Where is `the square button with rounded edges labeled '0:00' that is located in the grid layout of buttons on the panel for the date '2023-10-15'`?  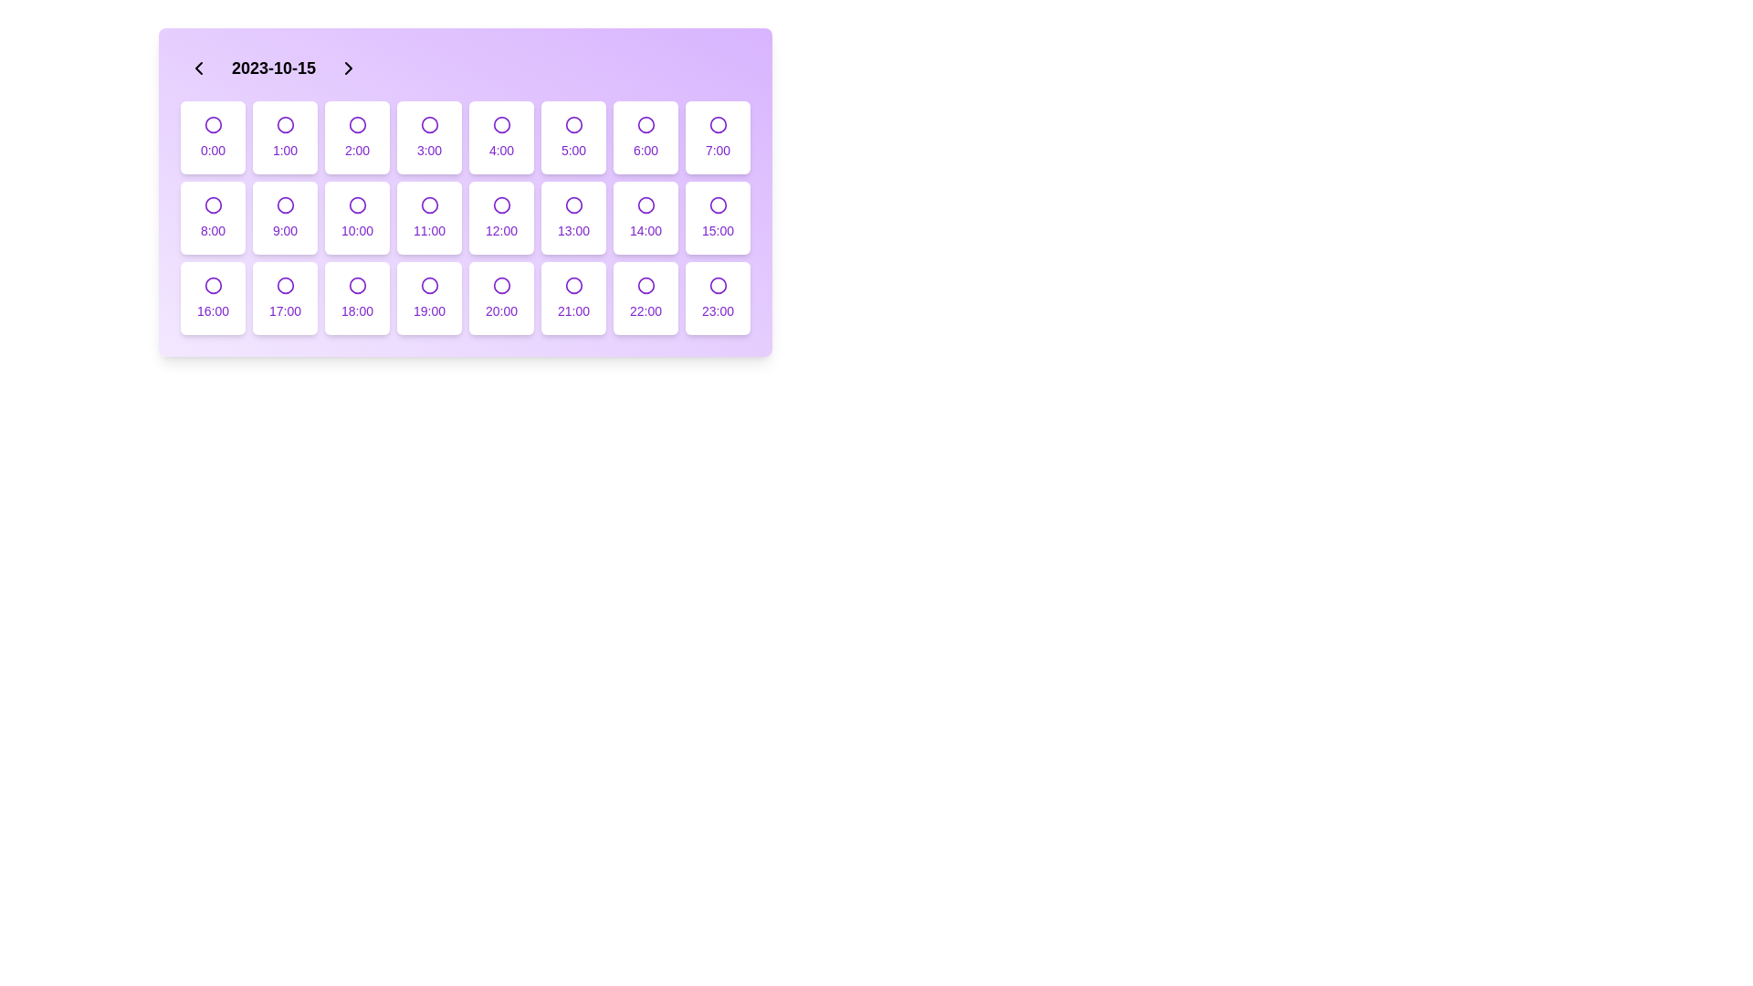 the square button with rounded edges labeled '0:00' that is located in the grid layout of buttons on the panel for the date '2023-10-15' is located at coordinates (213, 136).